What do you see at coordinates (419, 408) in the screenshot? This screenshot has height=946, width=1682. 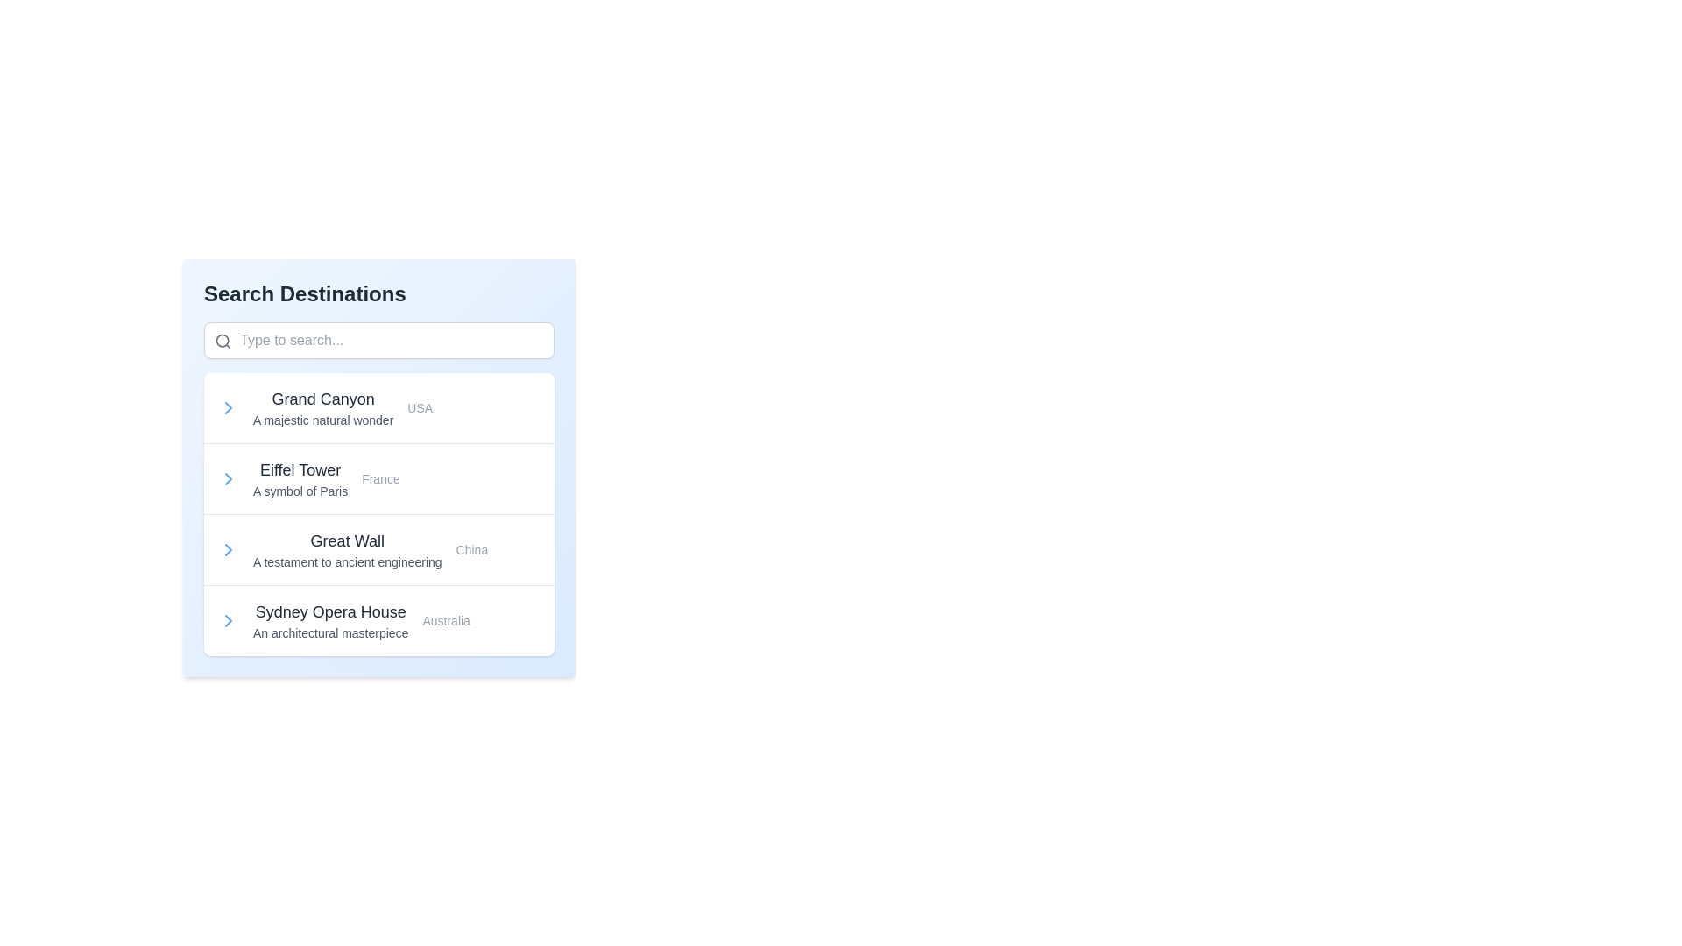 I see `the static text label displaying 'USA', which is positioned at the far-right within the entry for 'Grand Canyon', adjacent to the subtitle 'A majestic natural wonder'` at bounding box center [419, 408].